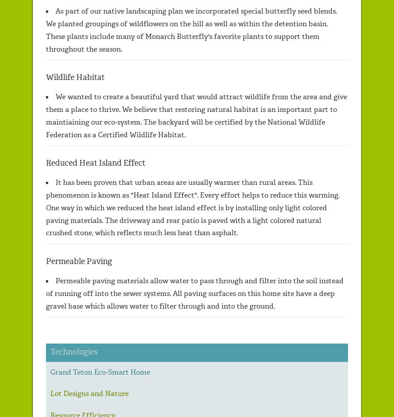 The height and width of the screenshot is (417, 394). Describe the element at coordinates (99, 372) in the screenshot. I see `'Grand Teton Eco-Smart Home'` at that location.